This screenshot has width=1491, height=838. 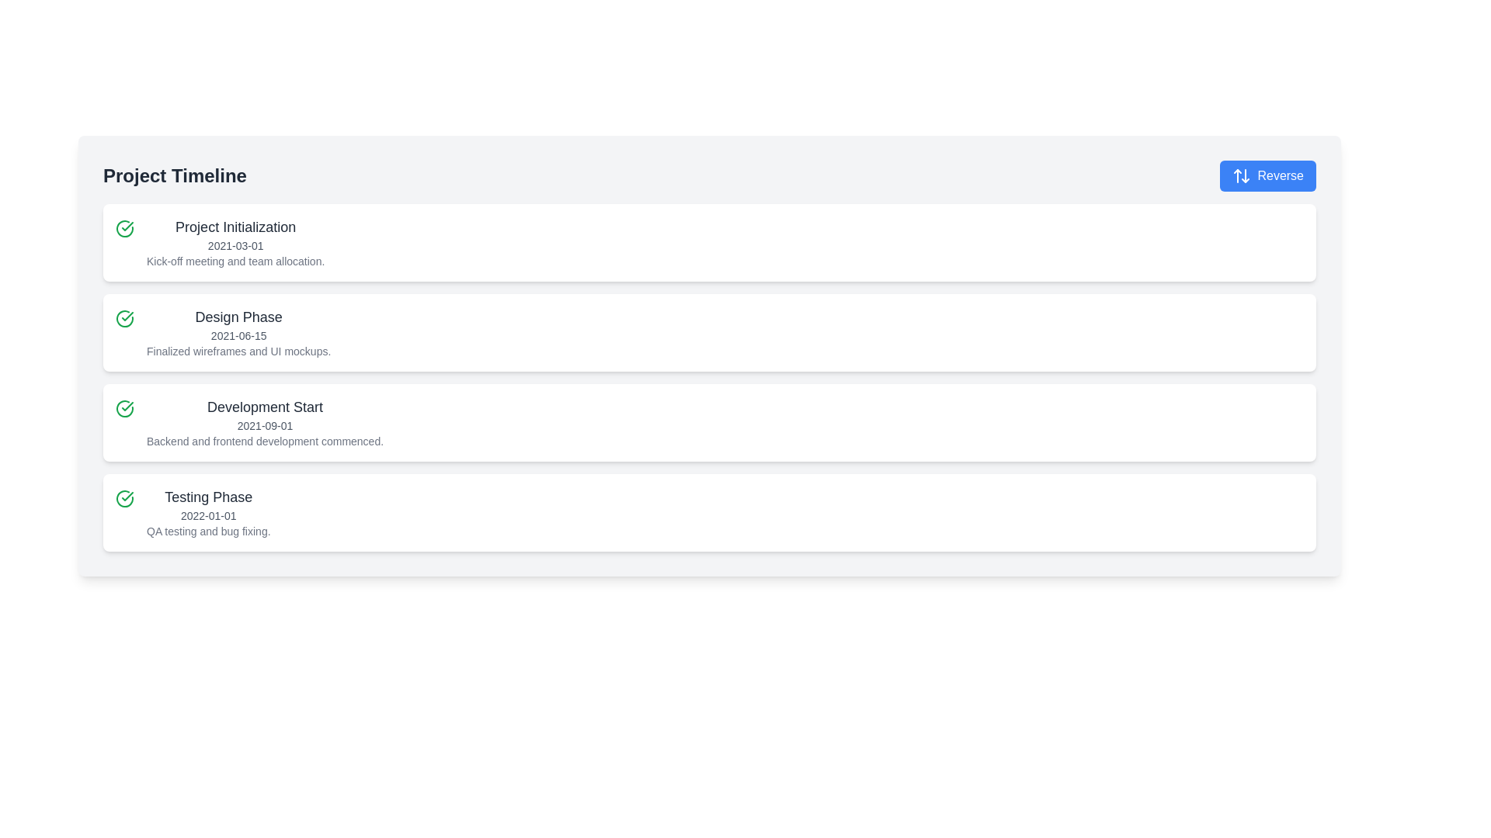 I want to click on text content of the fourth timeline entry labeled 'Testing Phase', which includes the phase name, start date, and description, located within a white, rounded rectangle on the left side of the interface, so click(x=207, y=512).